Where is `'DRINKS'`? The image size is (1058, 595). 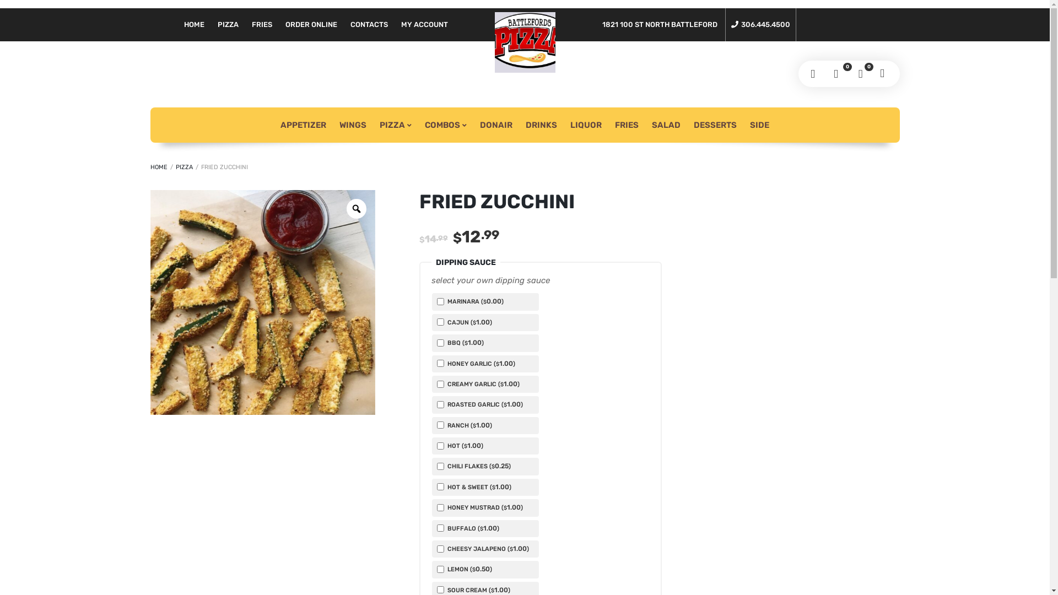 'DRINKS' is located at coordinates (520, 125).